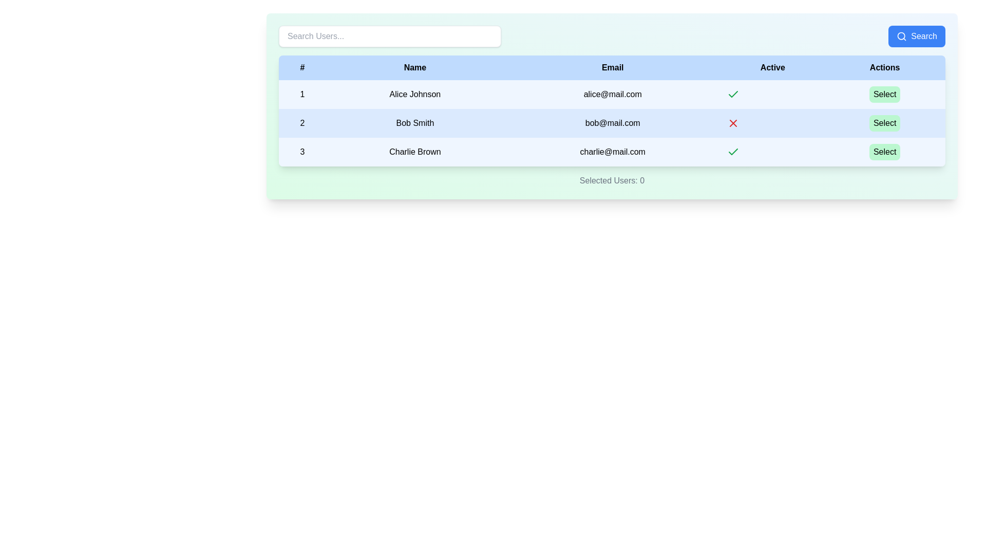 Image resolution: width=986 pixels, height=555 pixels. What do you see at coordinates (917, 35) in the screenshot?
I see `the blue 'Search' button with rounded corners, which features a magnifying glass icon and white text` at bounding box center [917, 35].